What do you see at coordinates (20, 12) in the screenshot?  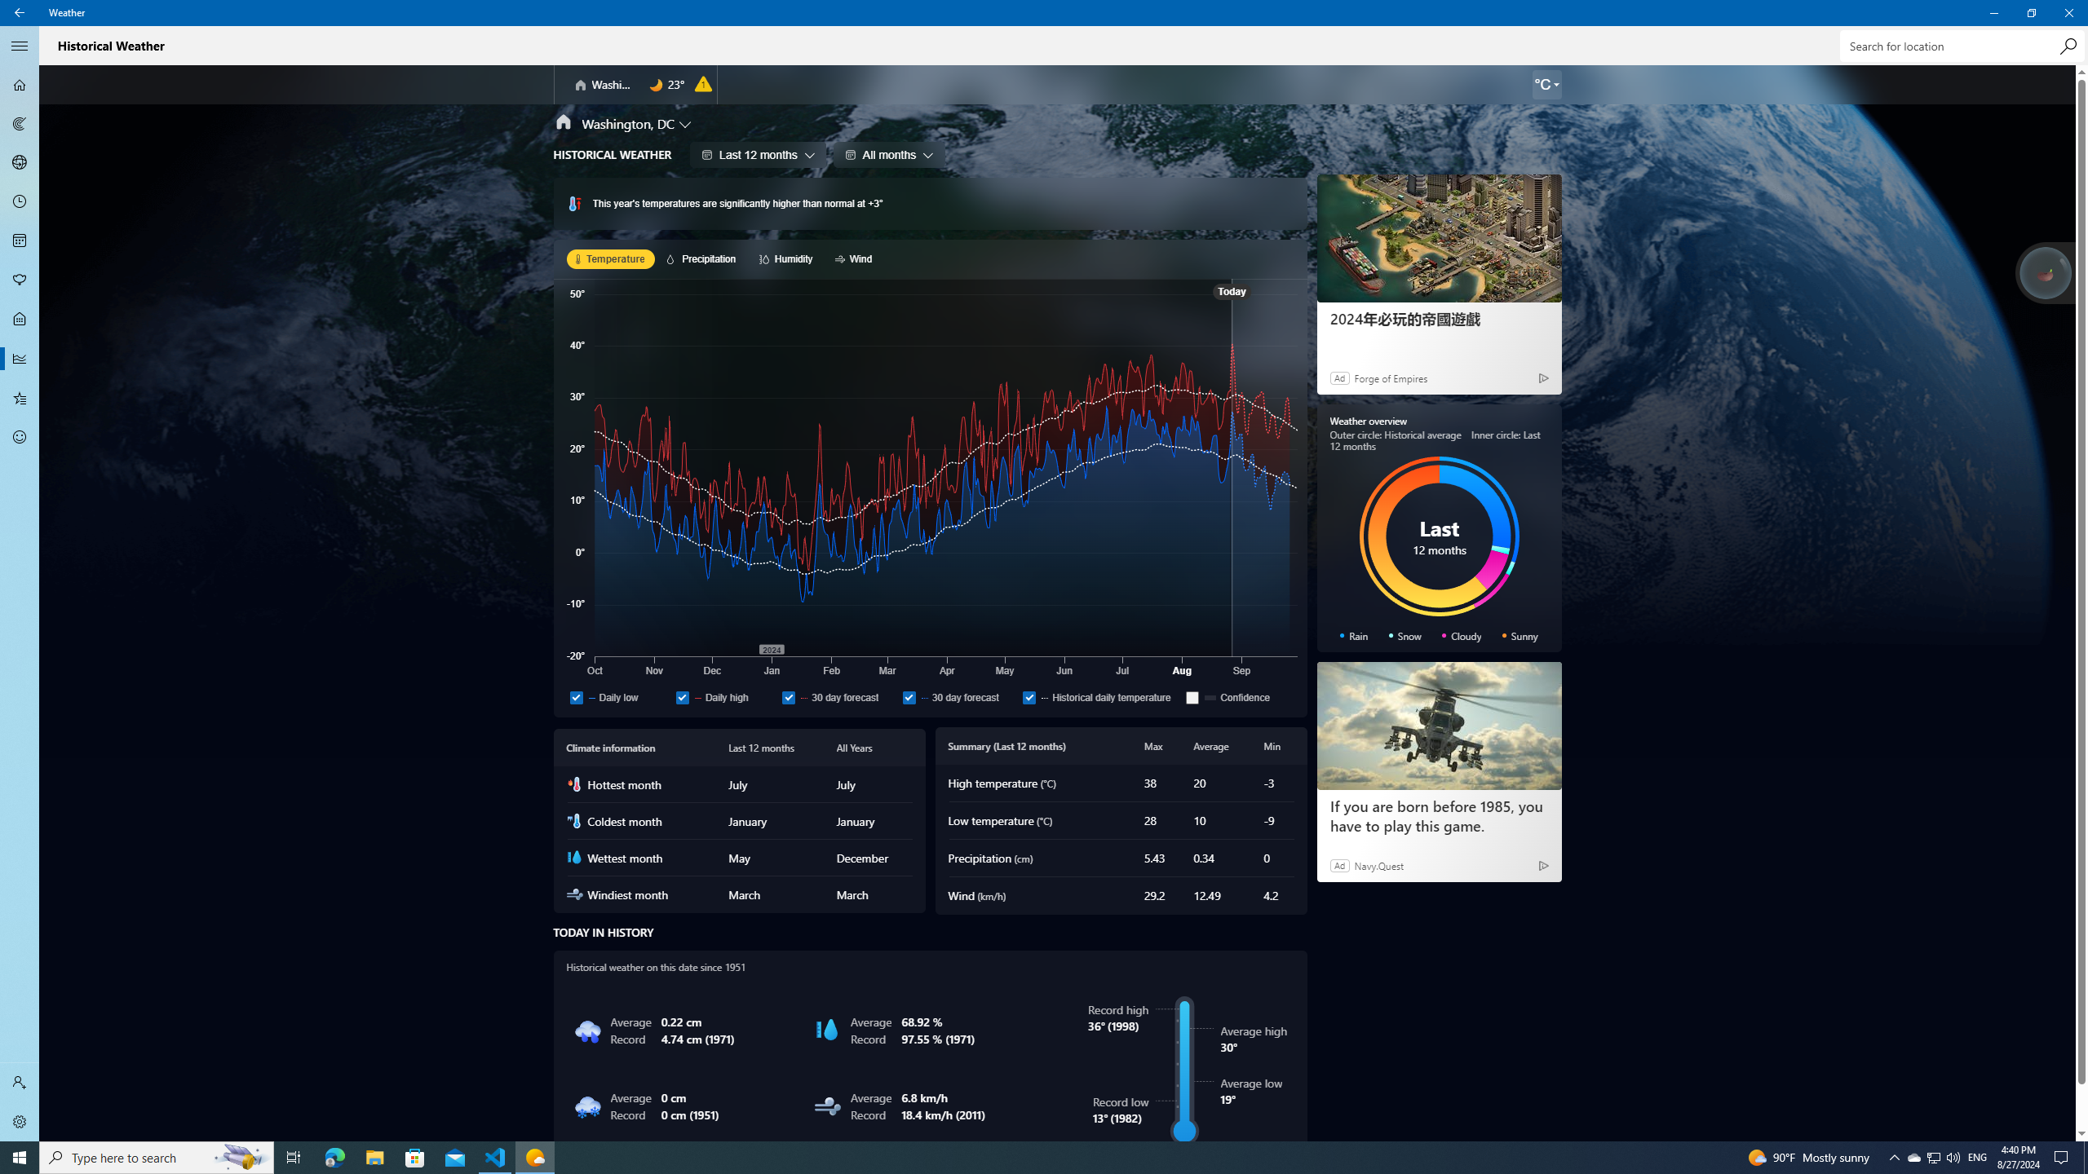 I see `'Back'` at bounding box center [20, 12].